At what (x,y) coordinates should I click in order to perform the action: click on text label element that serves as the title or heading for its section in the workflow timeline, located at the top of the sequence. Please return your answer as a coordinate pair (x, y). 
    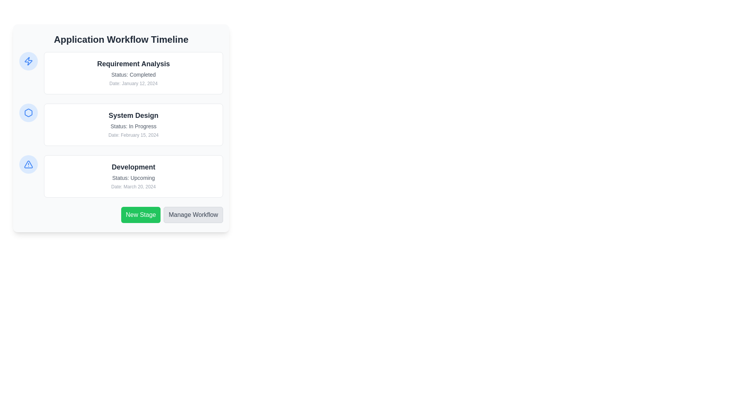
    Looking at the image, I should click on (133, 63).